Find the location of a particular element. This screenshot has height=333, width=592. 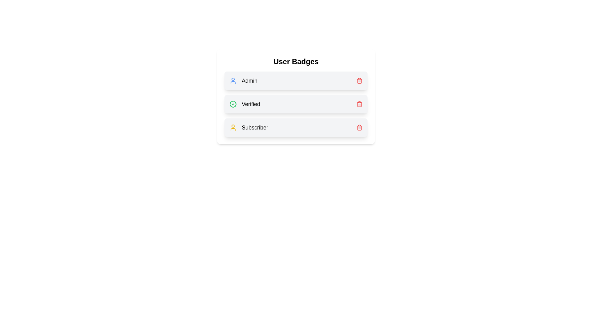

the badge row corresponding to Subscriber is located at coordinates (296, 127).